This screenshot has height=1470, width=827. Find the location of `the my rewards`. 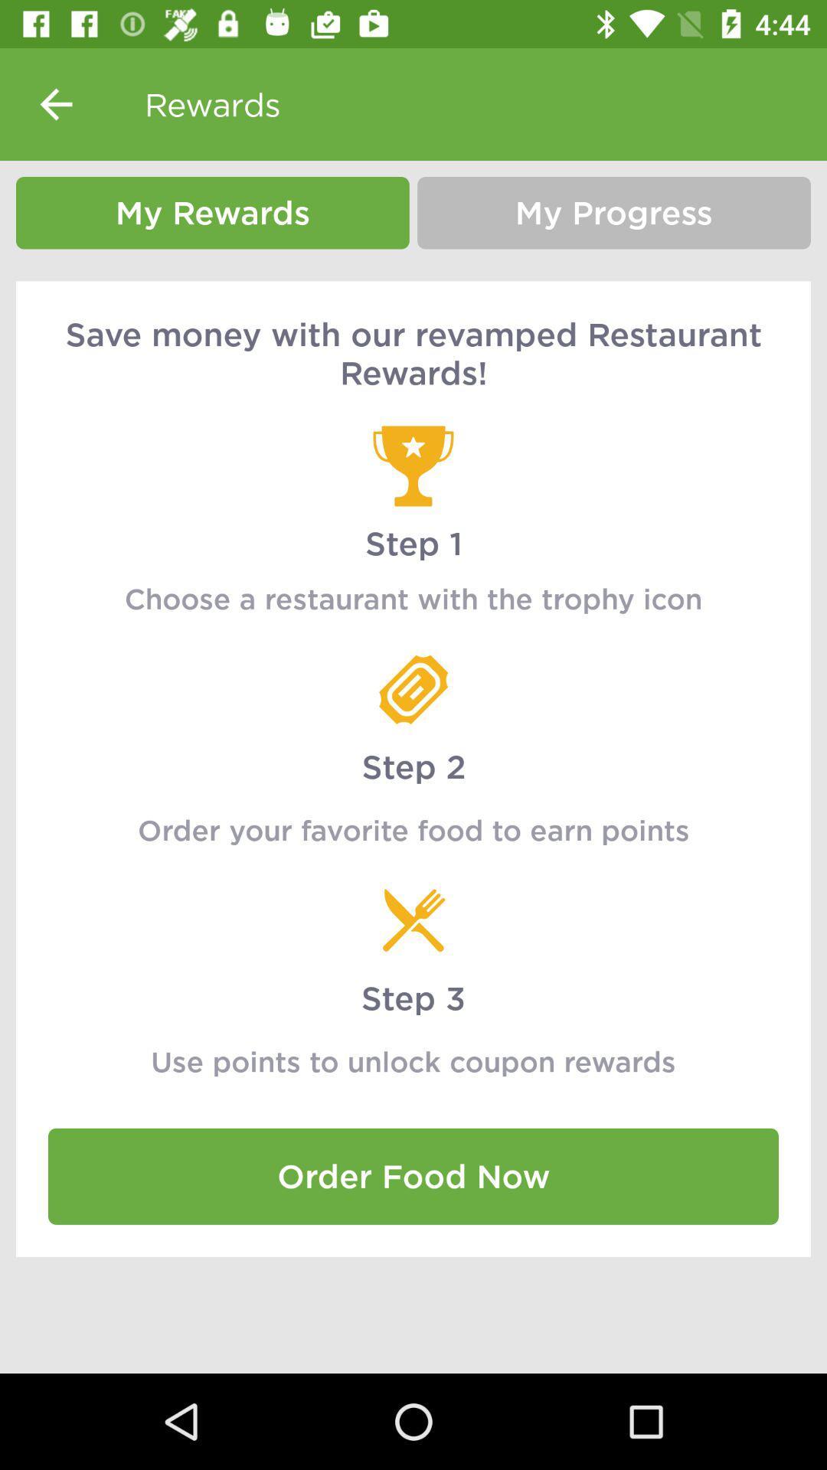

the my rewards is located at coordinates (212, 212).